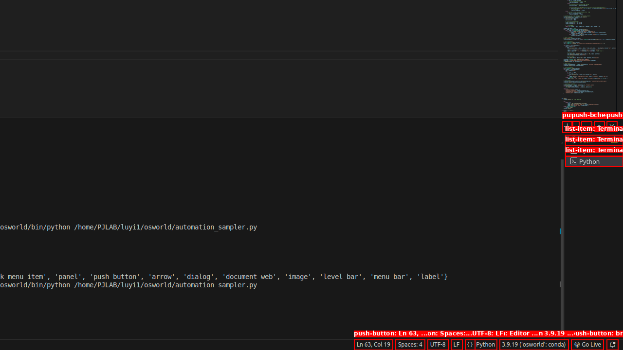 This screenshot has width=623, height=350. Describe the element at coordinates (593, 151) in the screenshot. I see `'Terminal 2 Python'` at that location.